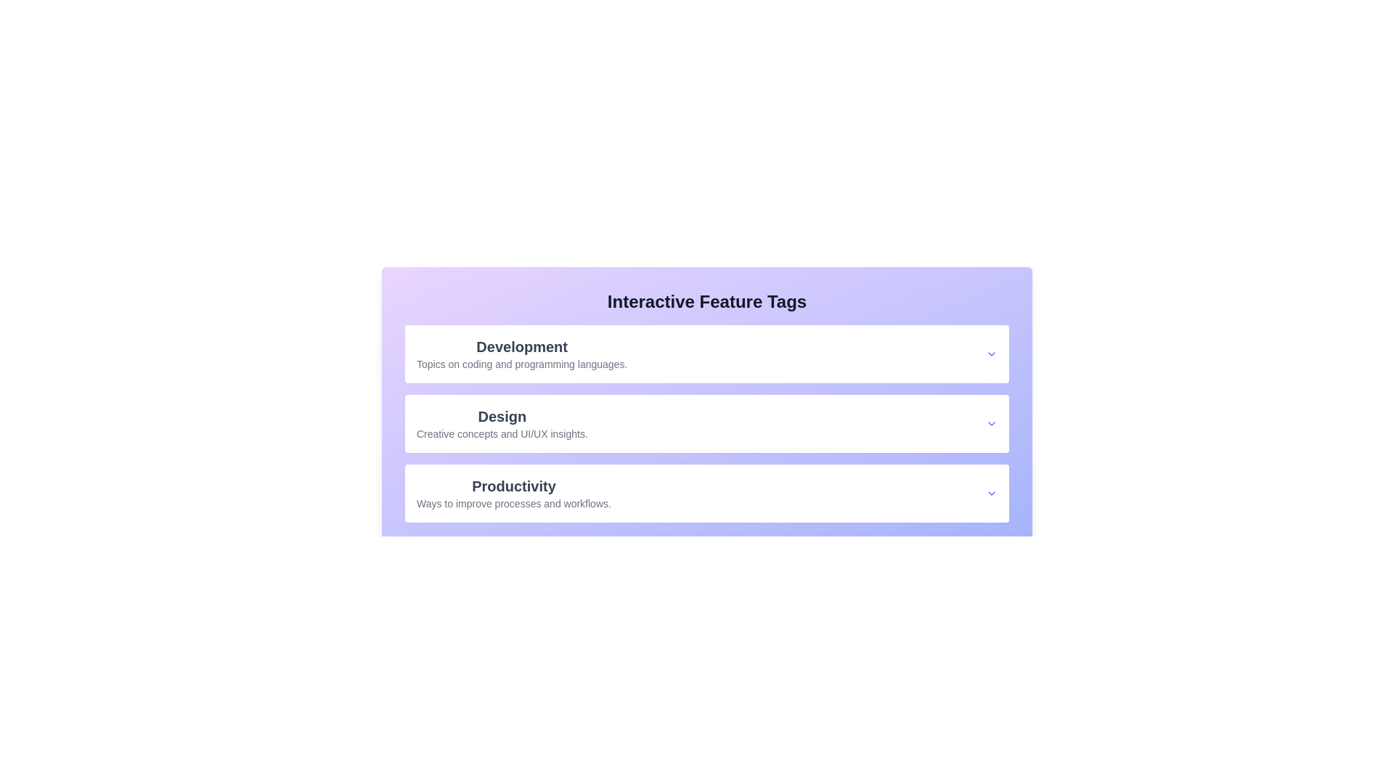  Describe the element at coordinates (522, 347) in the screenshot. I see `header text labeled 'Development', which serves as the main title for the section on coding and programming languages` at that location.